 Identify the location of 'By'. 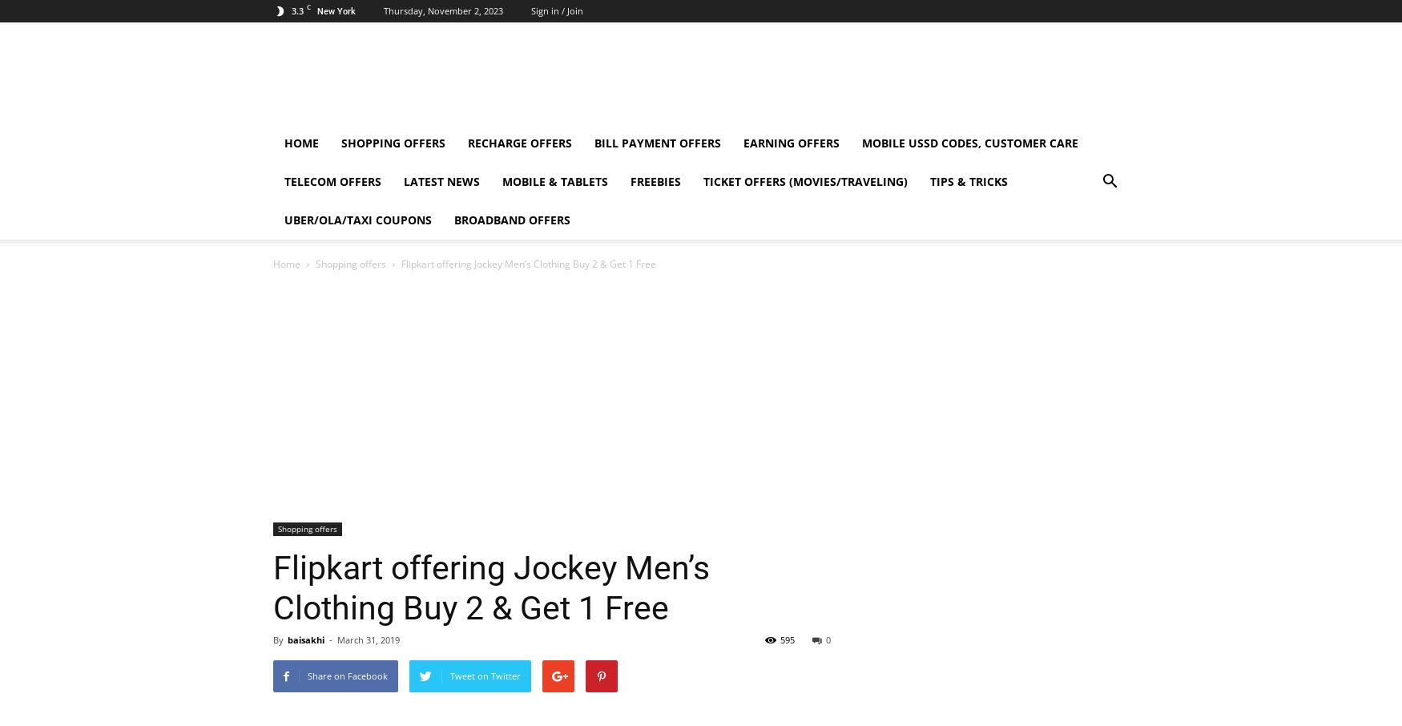
(278, 639).